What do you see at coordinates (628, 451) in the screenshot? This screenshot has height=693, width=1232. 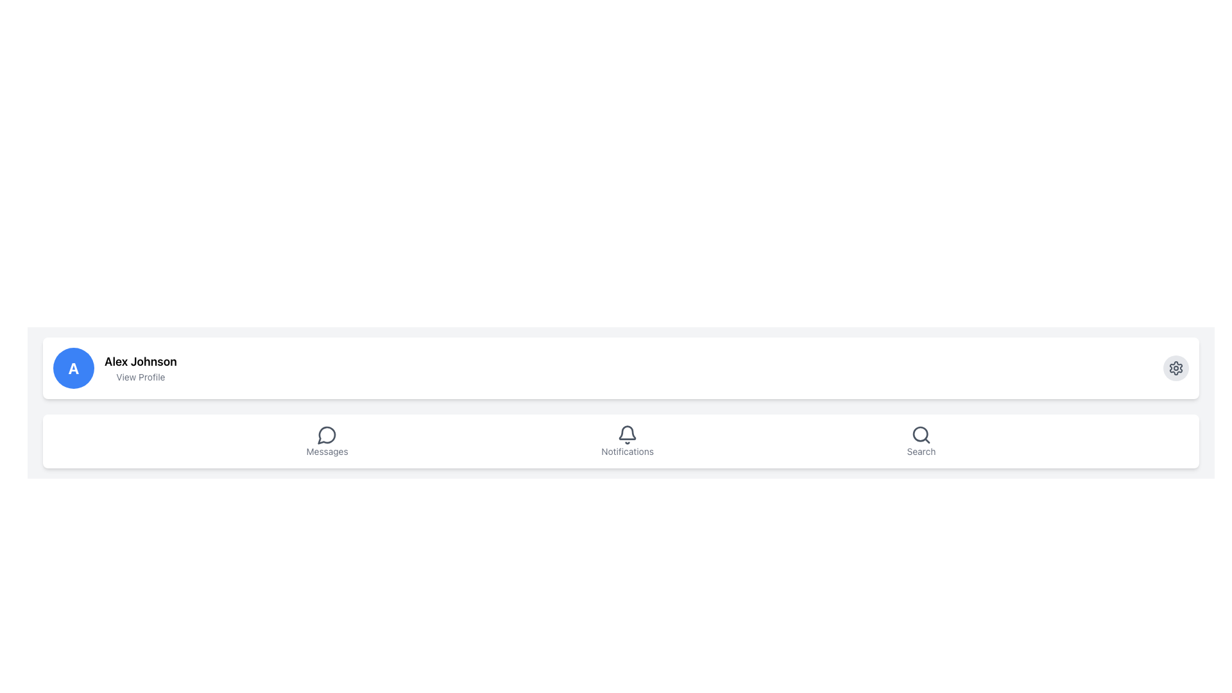 I see `the label that identifies the purpose of the associated bell icon for notifications, located centered underneath the bell icon in the navigation bar` at bounding box center [628, 451].